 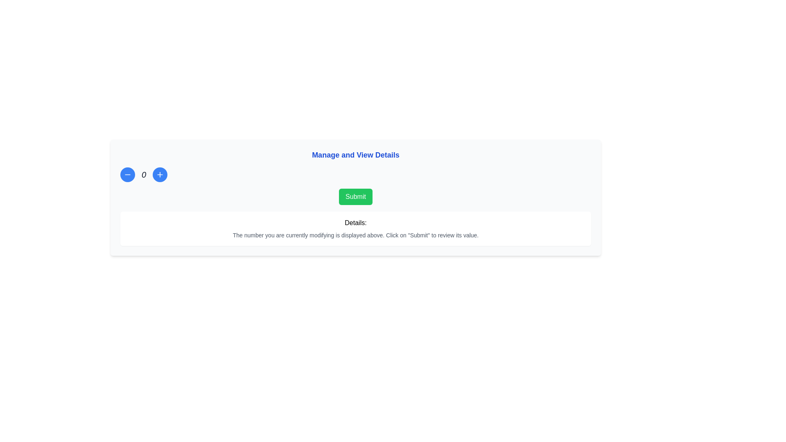 What do you see at coordinates (355, 197) in the screenshot?
I see `the button located below the 'Manage and View Details' section heading to trigger a color change effect` at bounding box center [355, 197].